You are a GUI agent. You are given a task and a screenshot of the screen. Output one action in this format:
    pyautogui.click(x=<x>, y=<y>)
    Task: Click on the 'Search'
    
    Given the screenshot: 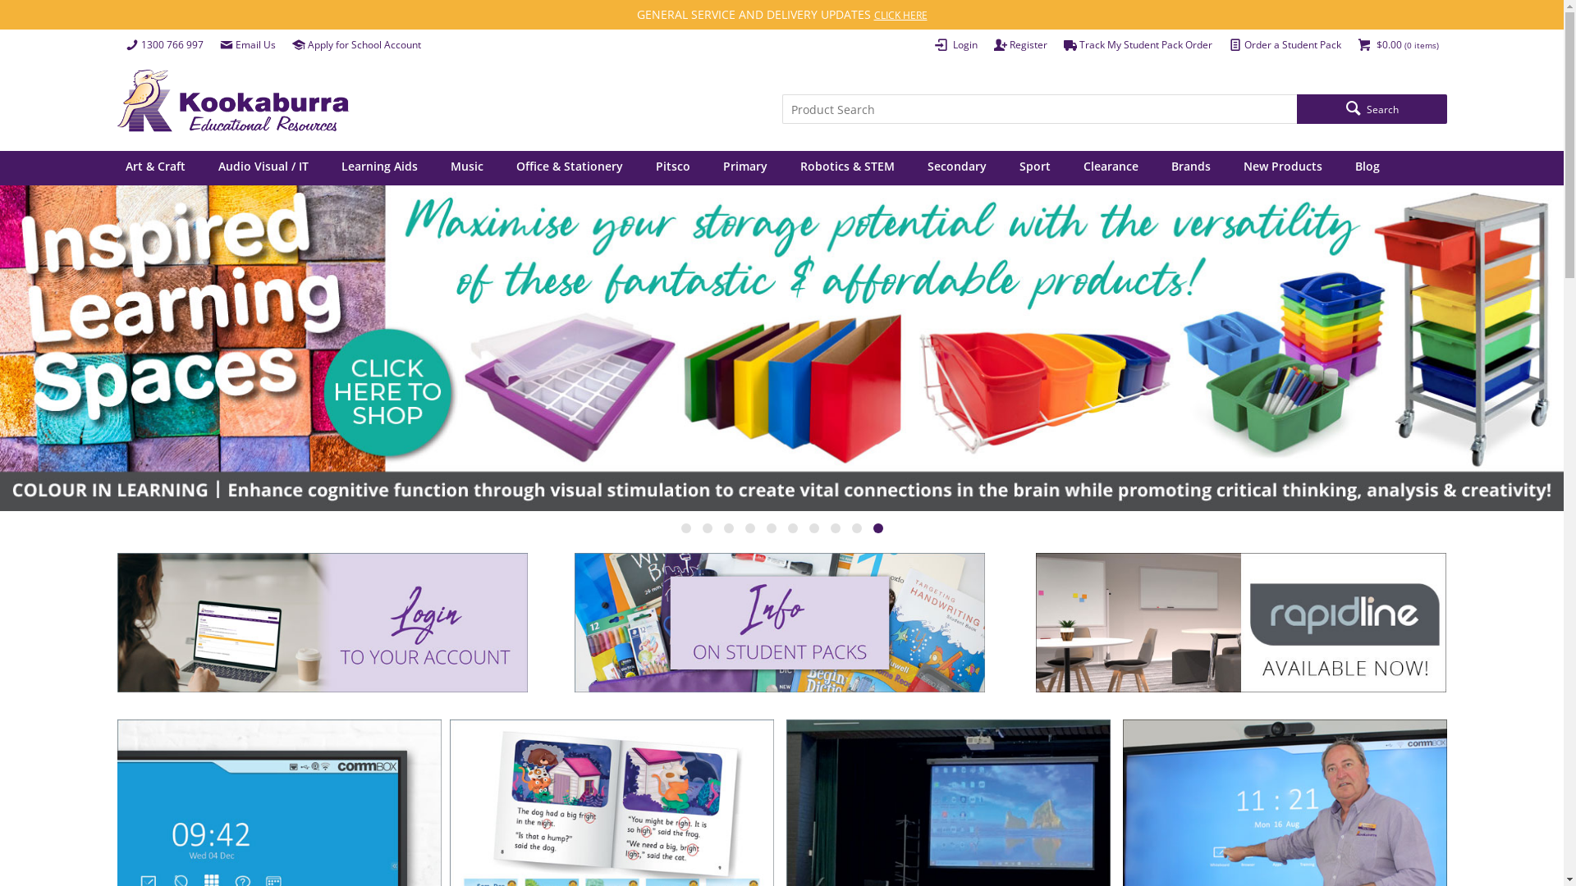 What is the action you would take?
    pyautogui.click(x=1371, y=108)
    